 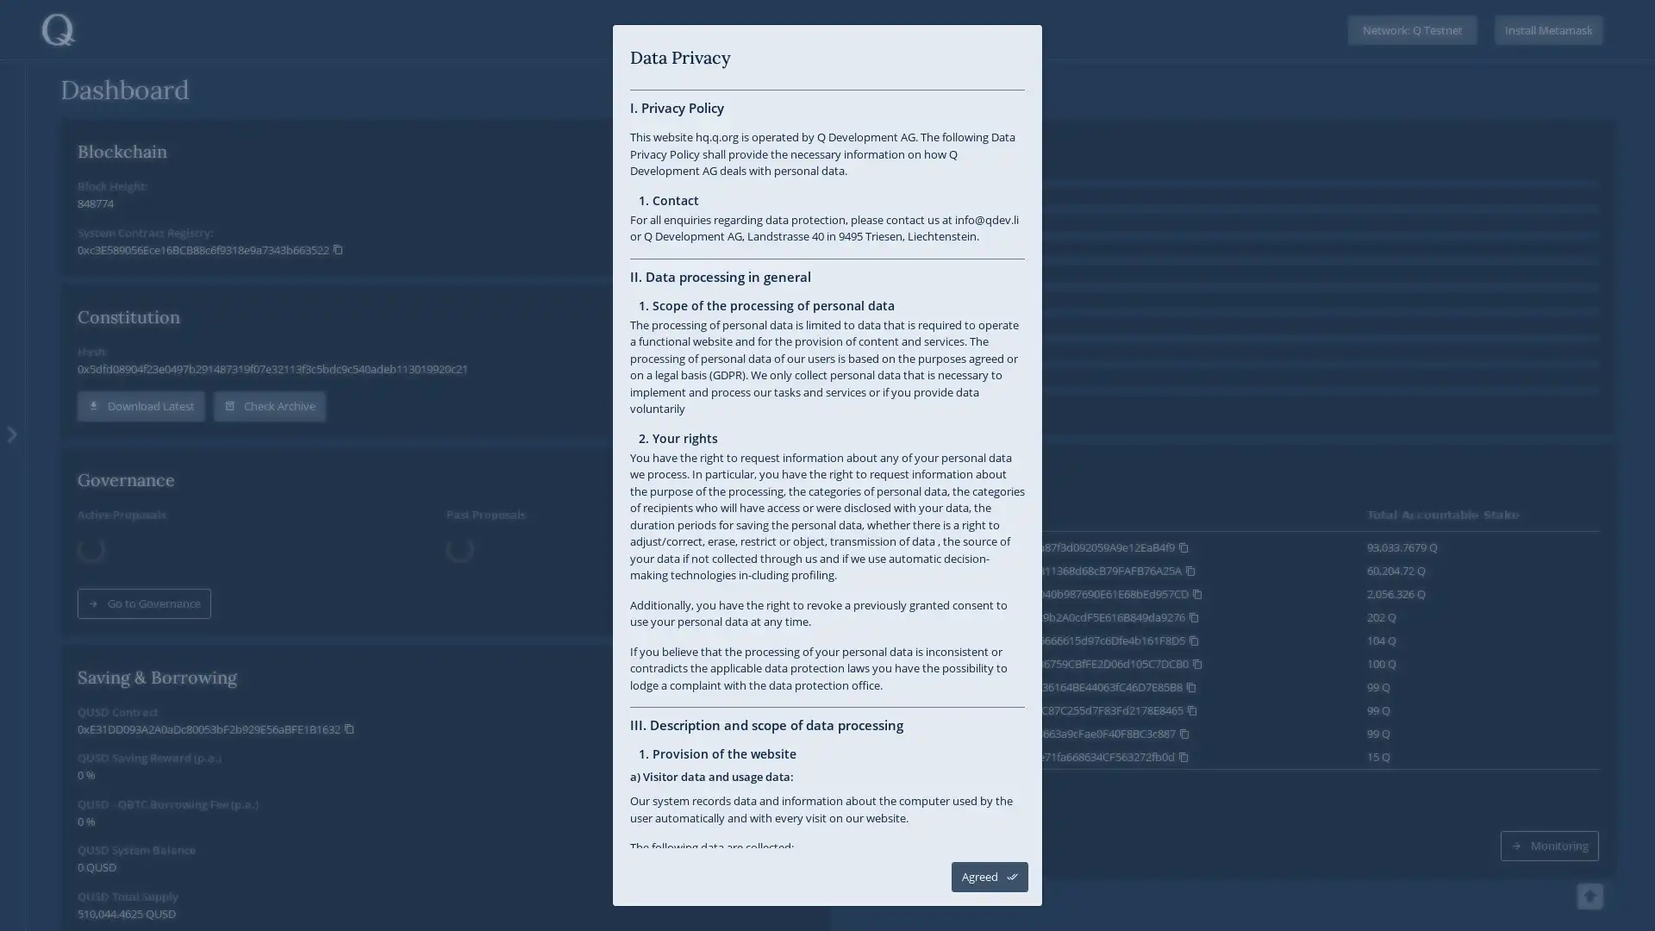 I want to click on Monitoring, so click(x=1550, y=803).